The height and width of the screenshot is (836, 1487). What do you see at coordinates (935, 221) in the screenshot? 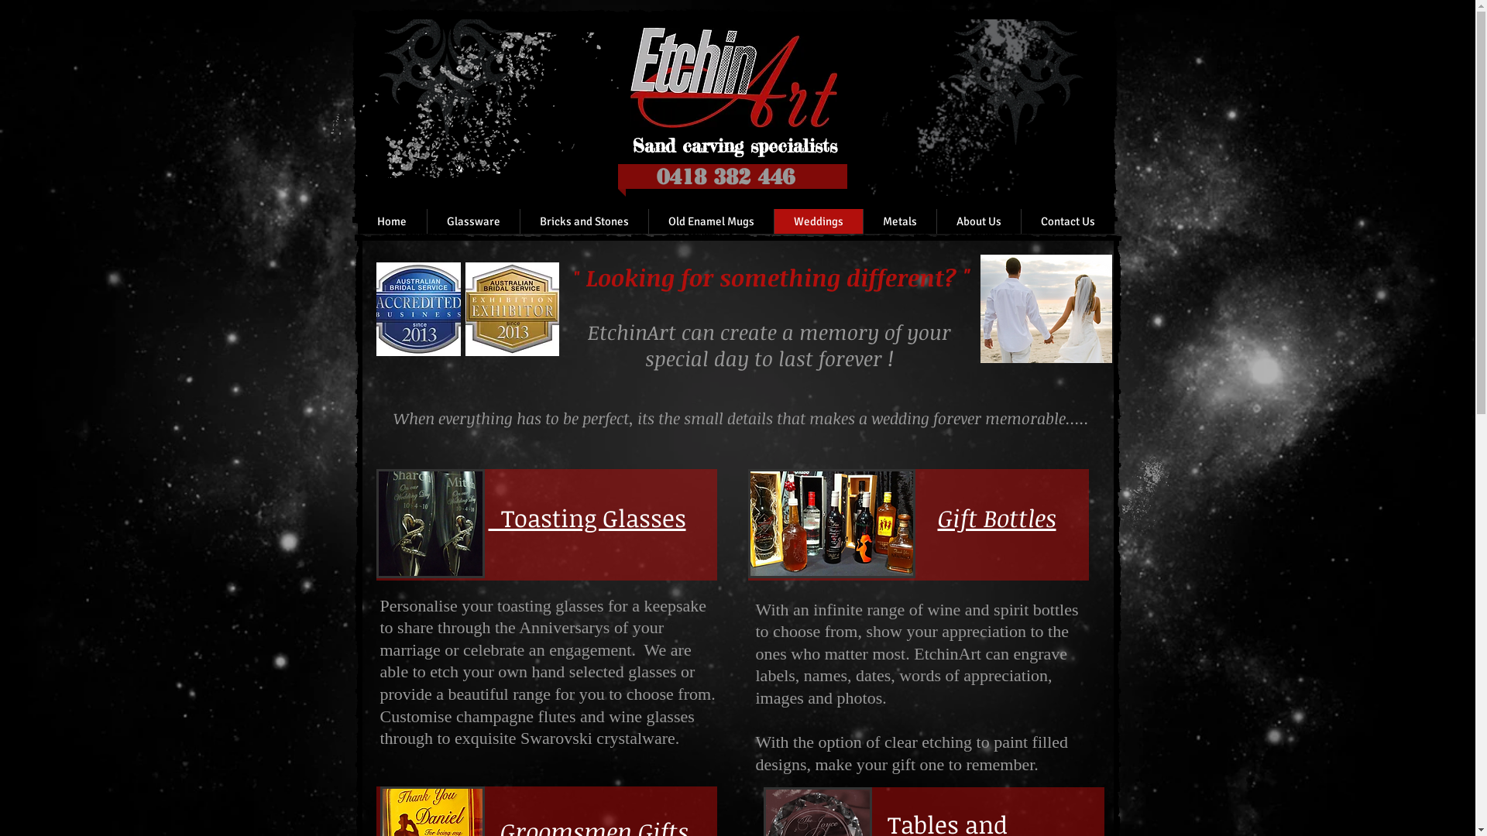
I see `'About Us'` at bounding box center [935, 221].